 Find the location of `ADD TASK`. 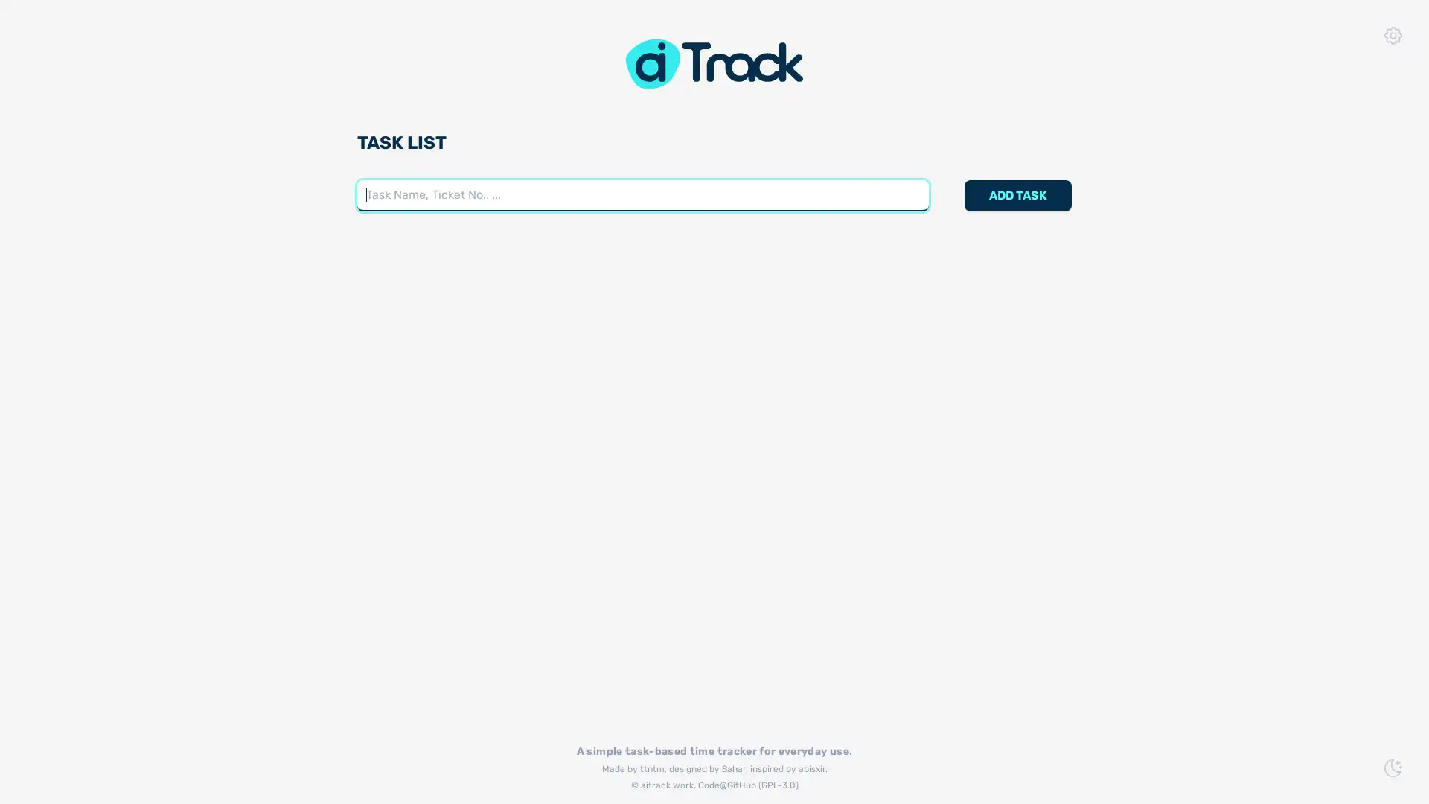

ADD TASK is located at coordinates (1017, 194).